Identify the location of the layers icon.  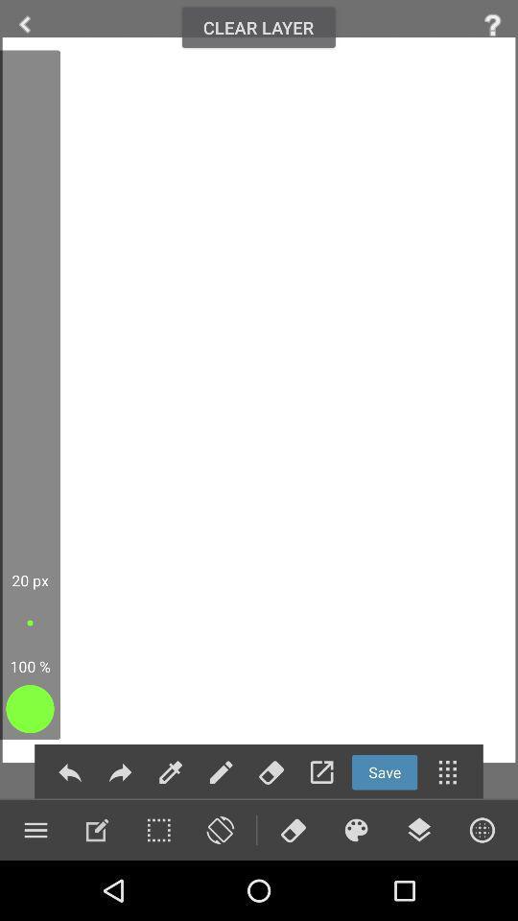
(418, 829).